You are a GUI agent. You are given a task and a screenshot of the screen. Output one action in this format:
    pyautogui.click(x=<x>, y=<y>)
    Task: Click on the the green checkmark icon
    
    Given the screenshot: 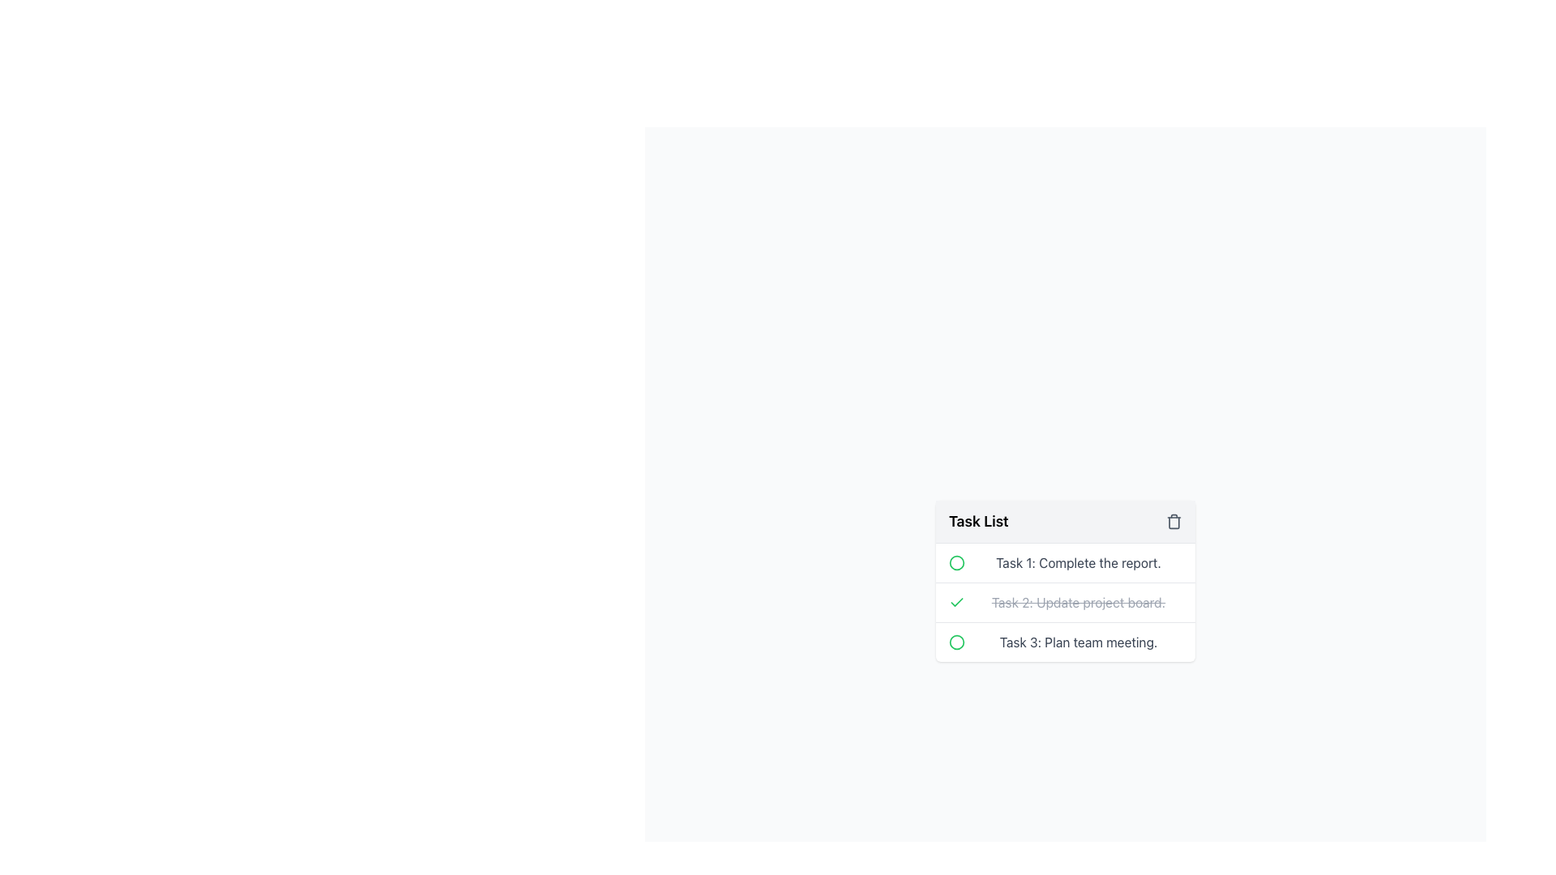 What is the action you would take?
    pyautogui.click(x=956, y=602)
    